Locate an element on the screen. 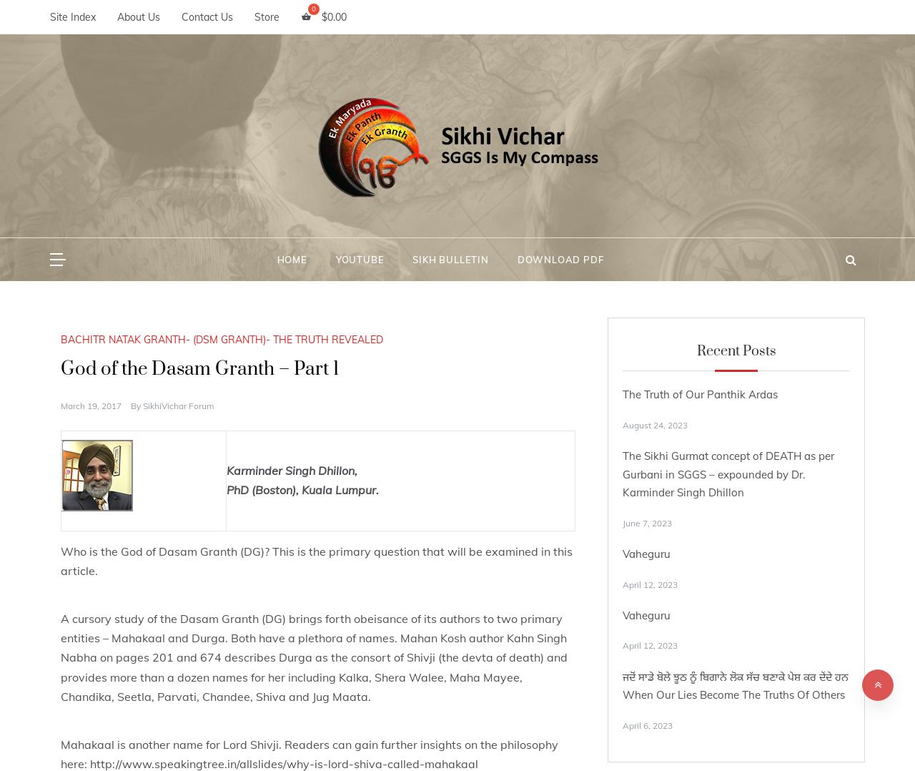 This screenshot has width=915, height=771. 'Site Index' is located at coordinates (72, 16).